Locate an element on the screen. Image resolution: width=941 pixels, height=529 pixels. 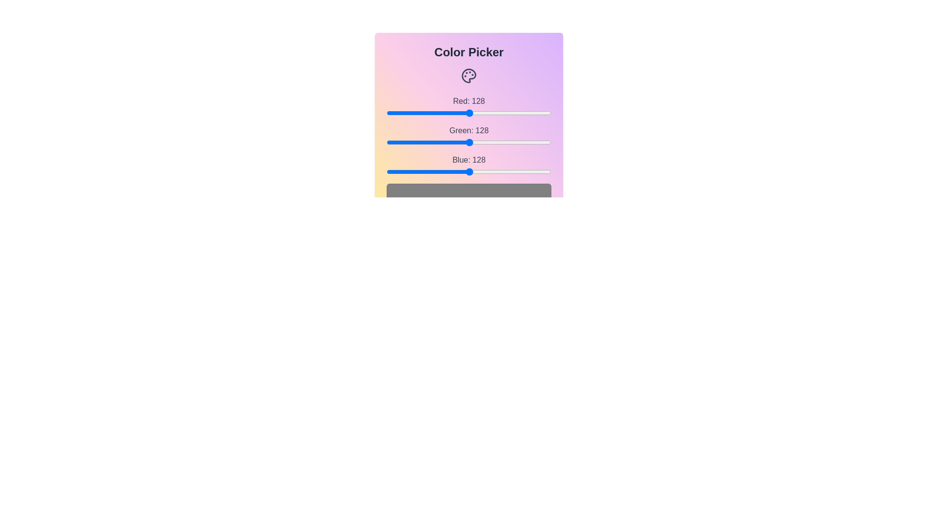
the green slider to set the green channel value to 11 is located at coordinates (394, 142).